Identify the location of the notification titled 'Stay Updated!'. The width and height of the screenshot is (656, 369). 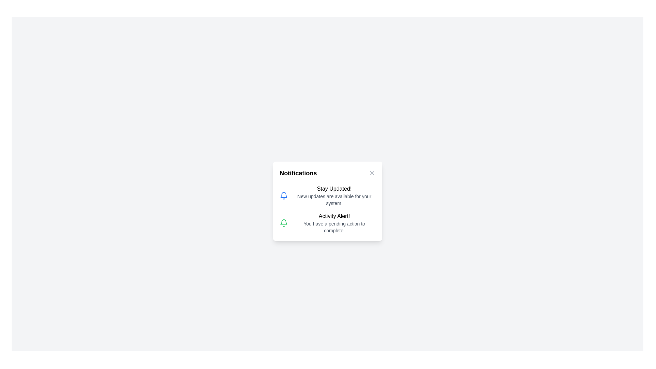
(284, 196).